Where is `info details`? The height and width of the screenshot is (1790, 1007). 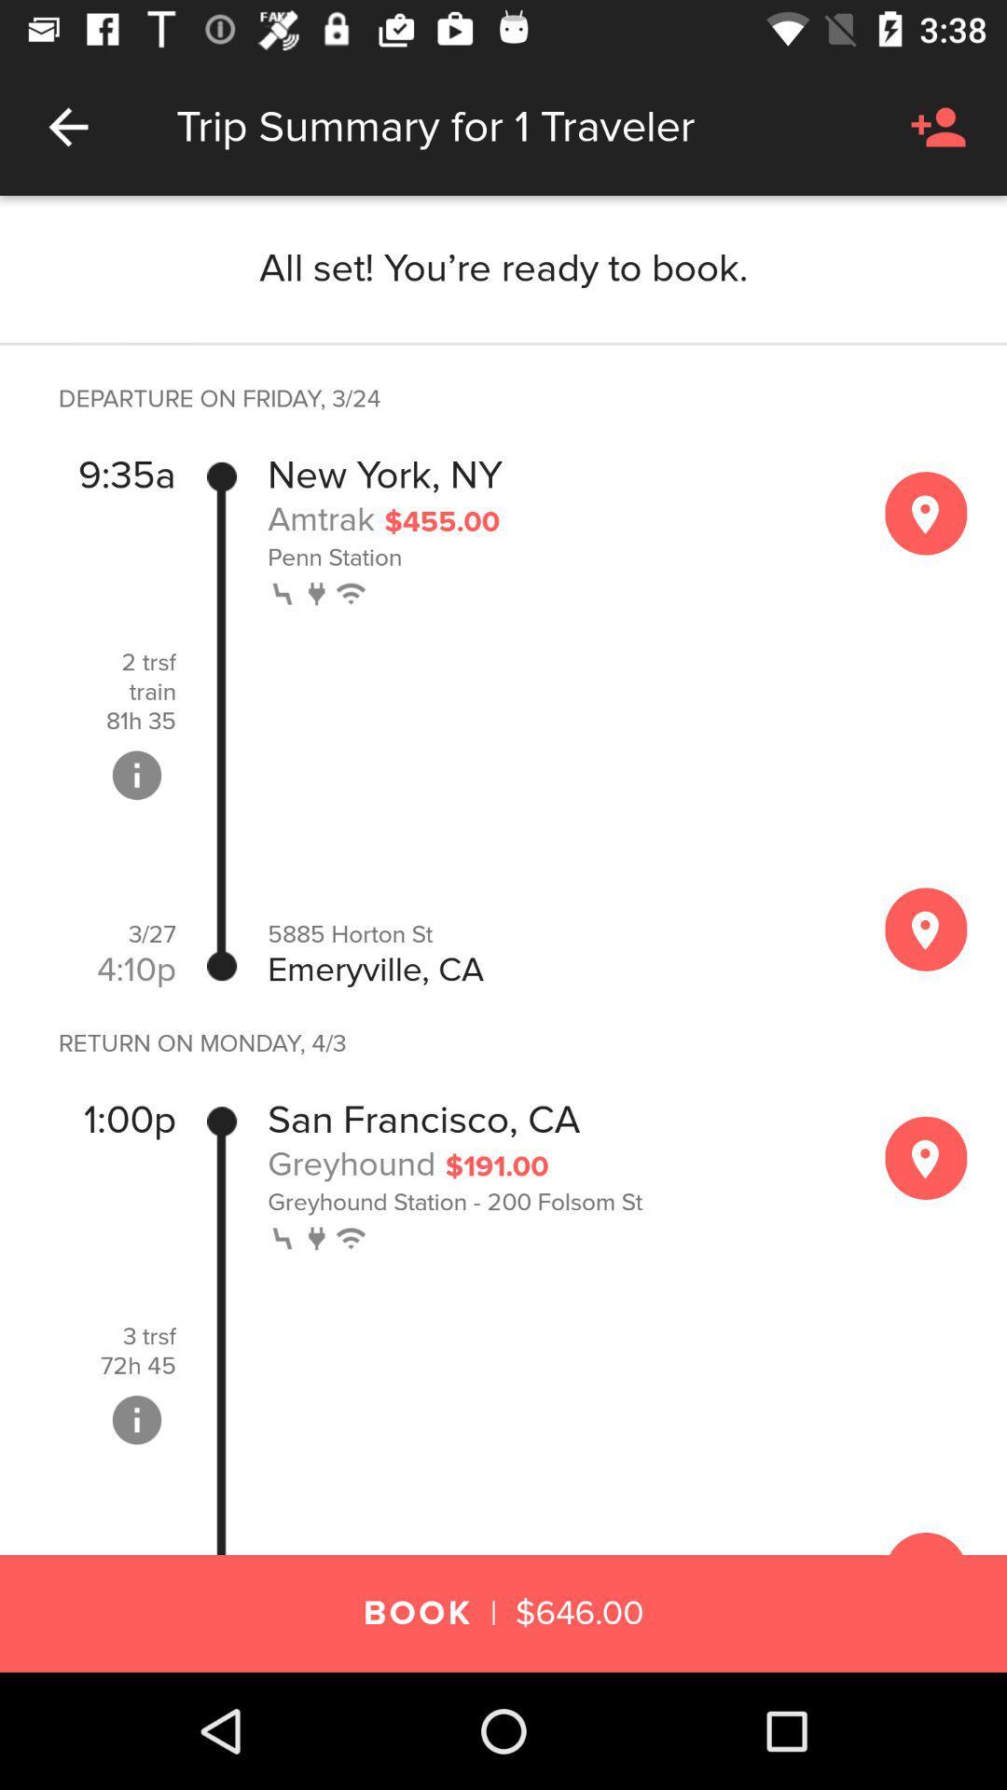
info details is located at coordinates (135, 1419).